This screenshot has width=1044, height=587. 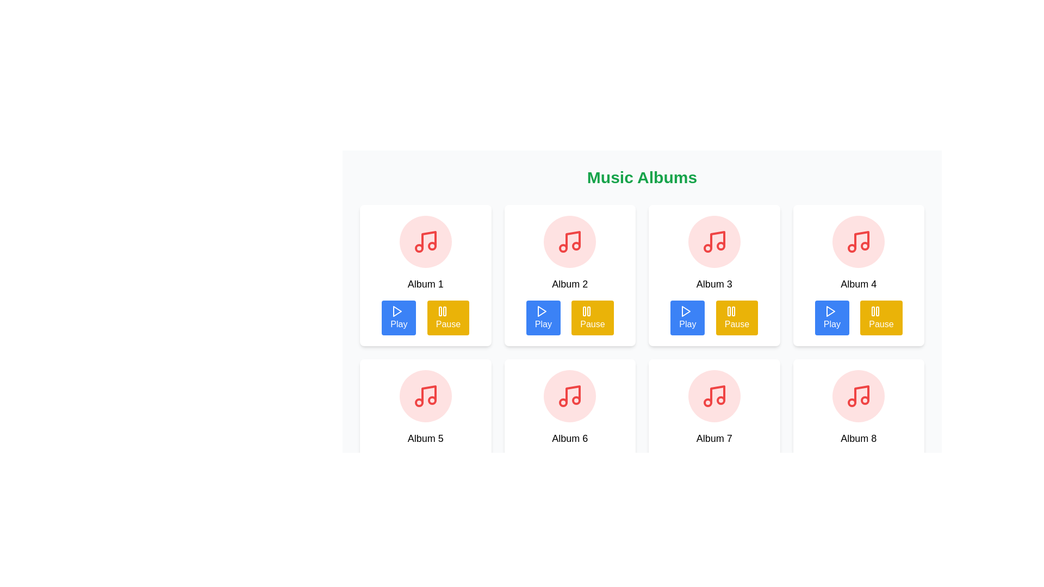 What do you see at coordinates (858, 241) in the screenshot?
I see `the red-colored decorative icon representing musical notes located in the fourth column of the top row within the music albums grid interface, centered in the tile labeled 'Album 4'` at bounding box center [858, 241].